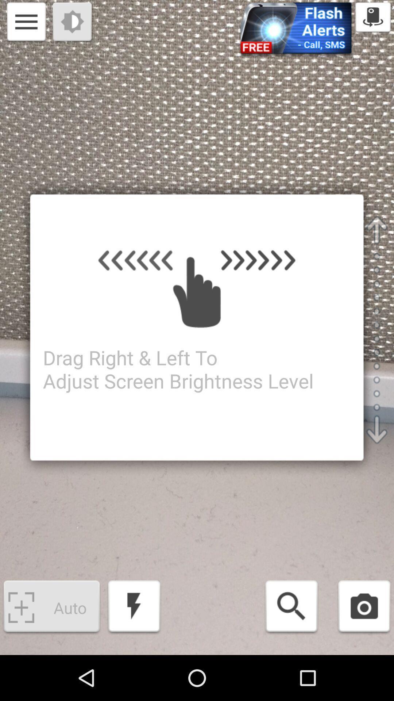 The width and height of the screenshot is (394, 701). Describe the element at coordinates (296, 30) in the screenshot. I see `visit advertisement site` at that location.